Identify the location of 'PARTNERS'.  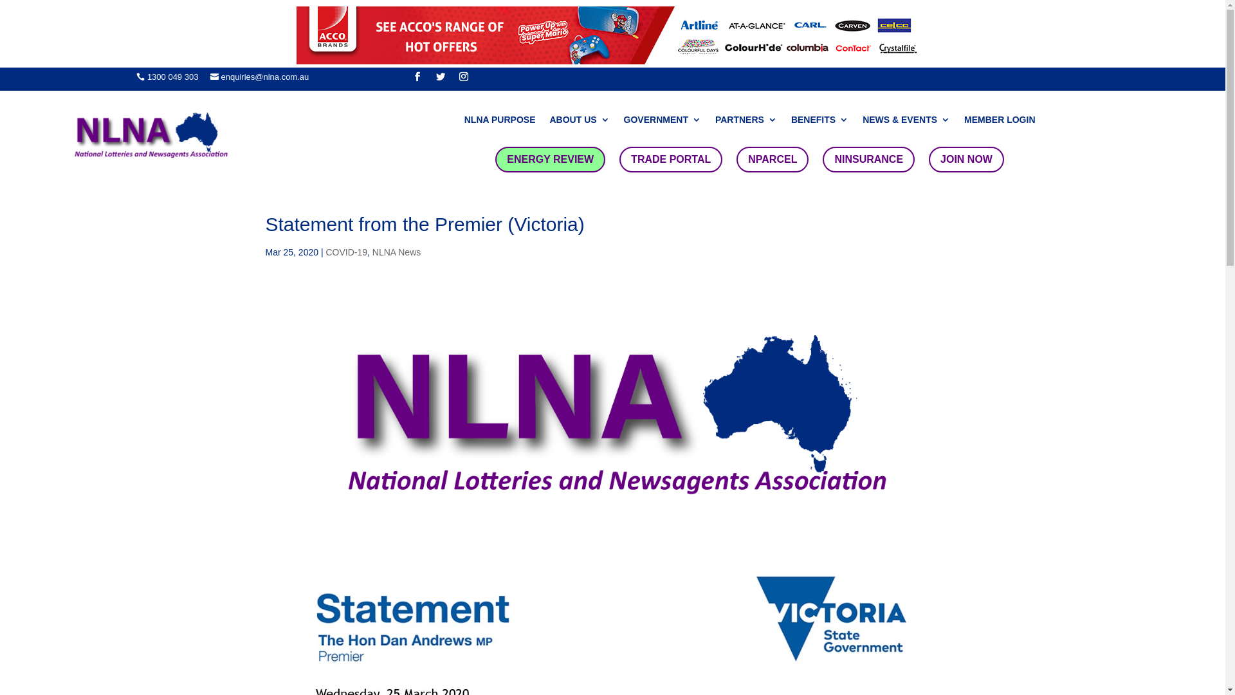
(715, 122).